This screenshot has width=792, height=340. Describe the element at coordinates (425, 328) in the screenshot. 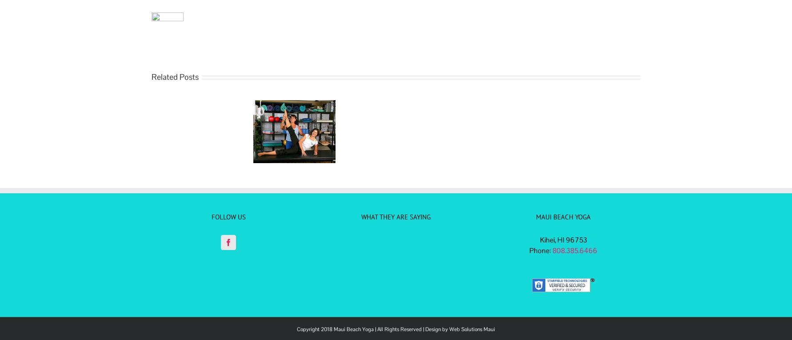

I see `'Design by Web Solutions Maui'` at that location.